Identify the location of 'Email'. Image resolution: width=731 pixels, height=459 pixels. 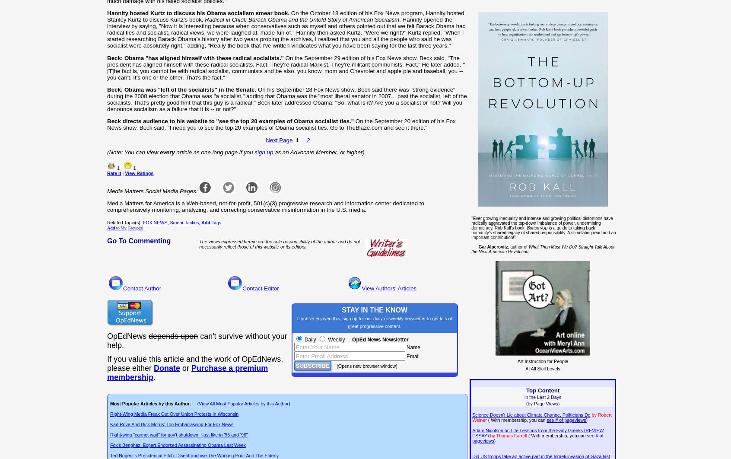
(405, 356).